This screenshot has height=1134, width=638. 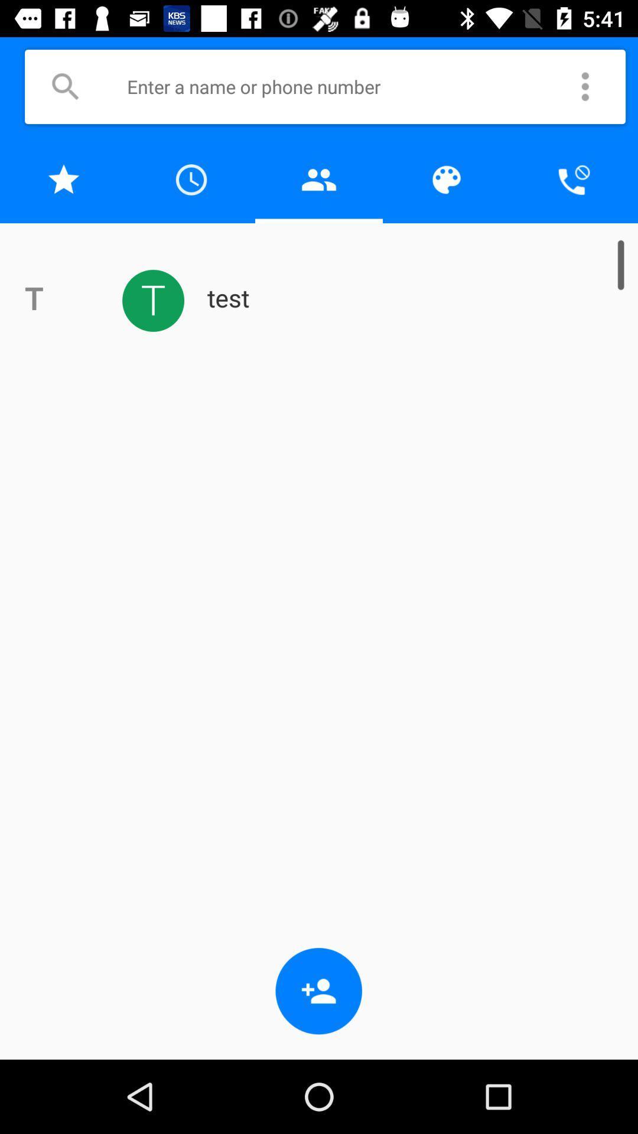 I want to click on search, so click(x=65, y=86).